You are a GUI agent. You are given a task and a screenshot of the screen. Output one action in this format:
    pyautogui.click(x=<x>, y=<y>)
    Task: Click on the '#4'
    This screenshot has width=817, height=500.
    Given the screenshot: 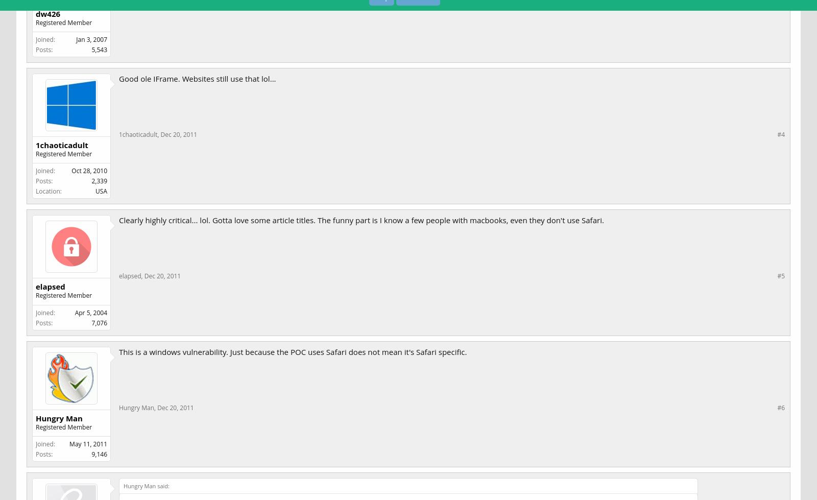 What is the action you would take?
    pyautogui.click(x=781, y=134)
    